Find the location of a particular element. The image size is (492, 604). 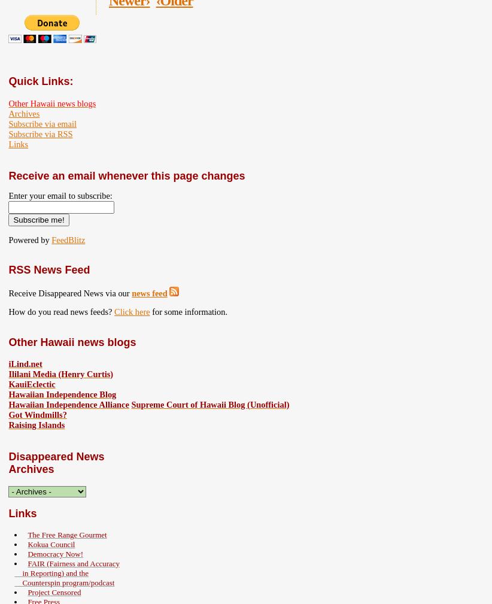

'Receive Disappeared News via our' is located at coordinates (69, 292).